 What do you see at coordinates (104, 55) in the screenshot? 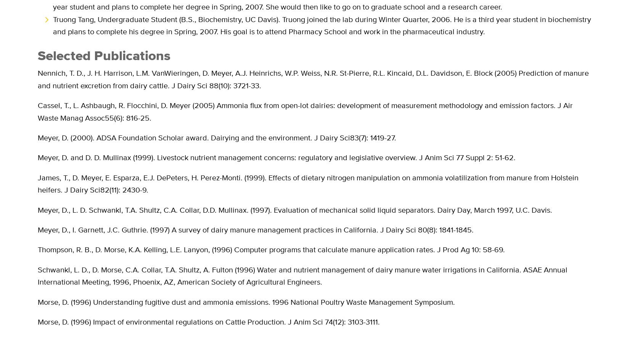
I see `'Selected Publications'` at bounding box center [104, 55].